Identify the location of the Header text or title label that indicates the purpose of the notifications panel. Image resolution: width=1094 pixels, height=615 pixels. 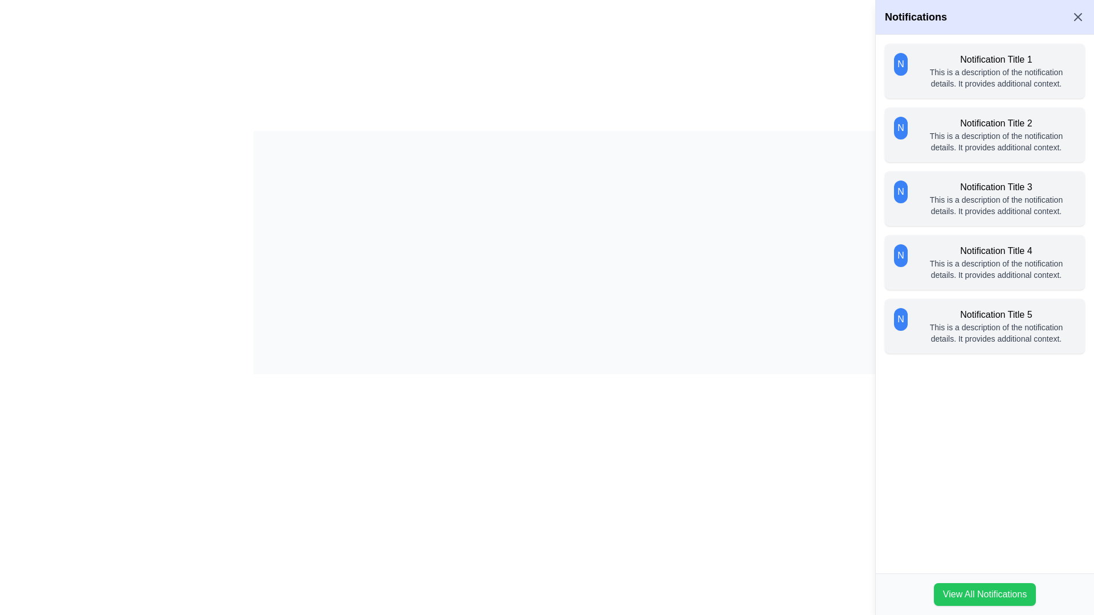
(916, 17).